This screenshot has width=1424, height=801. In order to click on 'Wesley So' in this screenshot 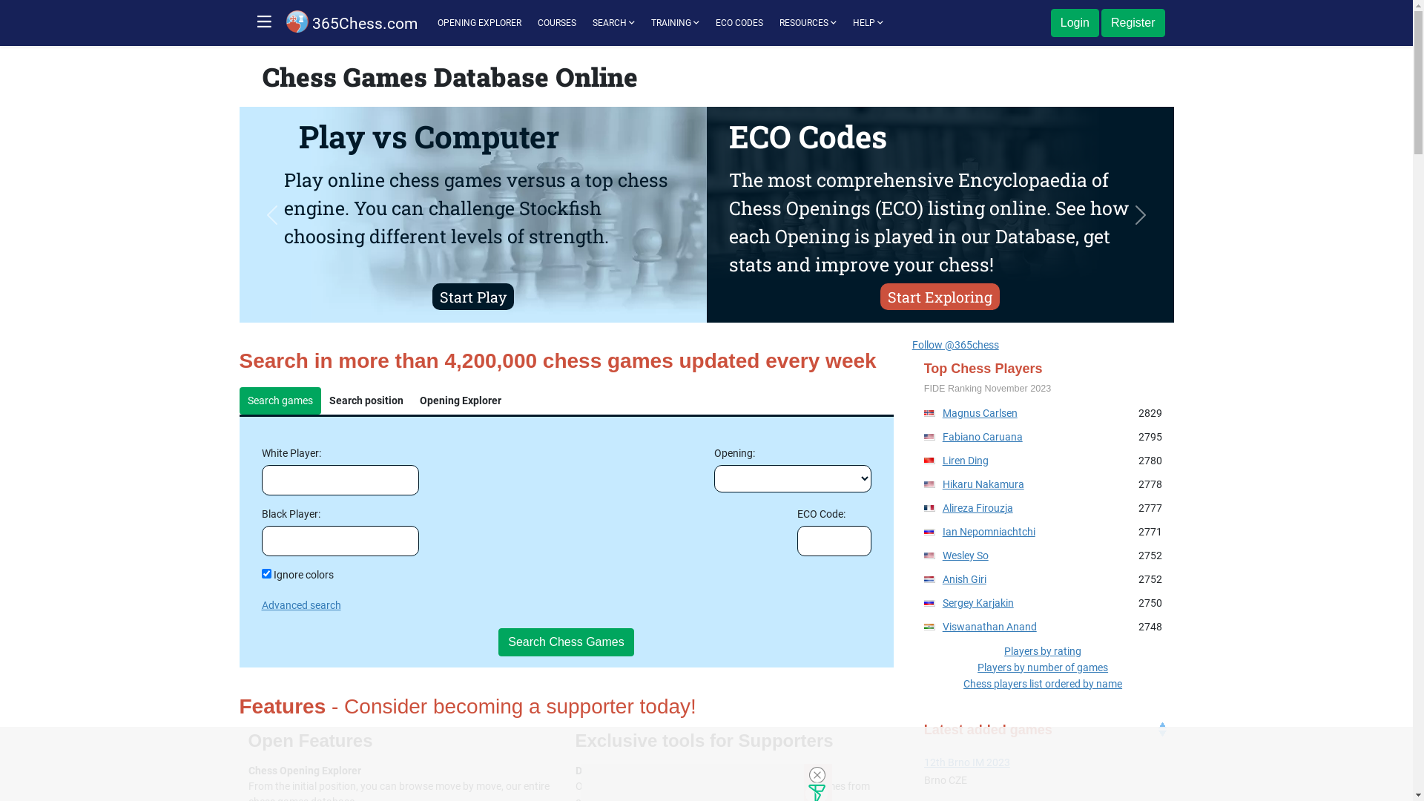, I will do `click(965, 555)`.